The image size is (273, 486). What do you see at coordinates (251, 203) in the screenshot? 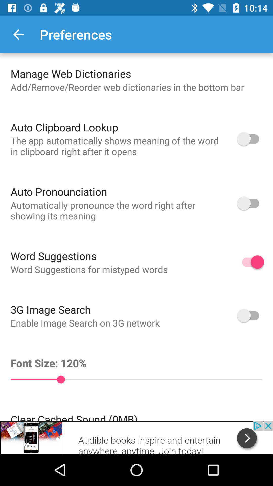
I see `auto pronunciation` at bounding box center [251, 203].